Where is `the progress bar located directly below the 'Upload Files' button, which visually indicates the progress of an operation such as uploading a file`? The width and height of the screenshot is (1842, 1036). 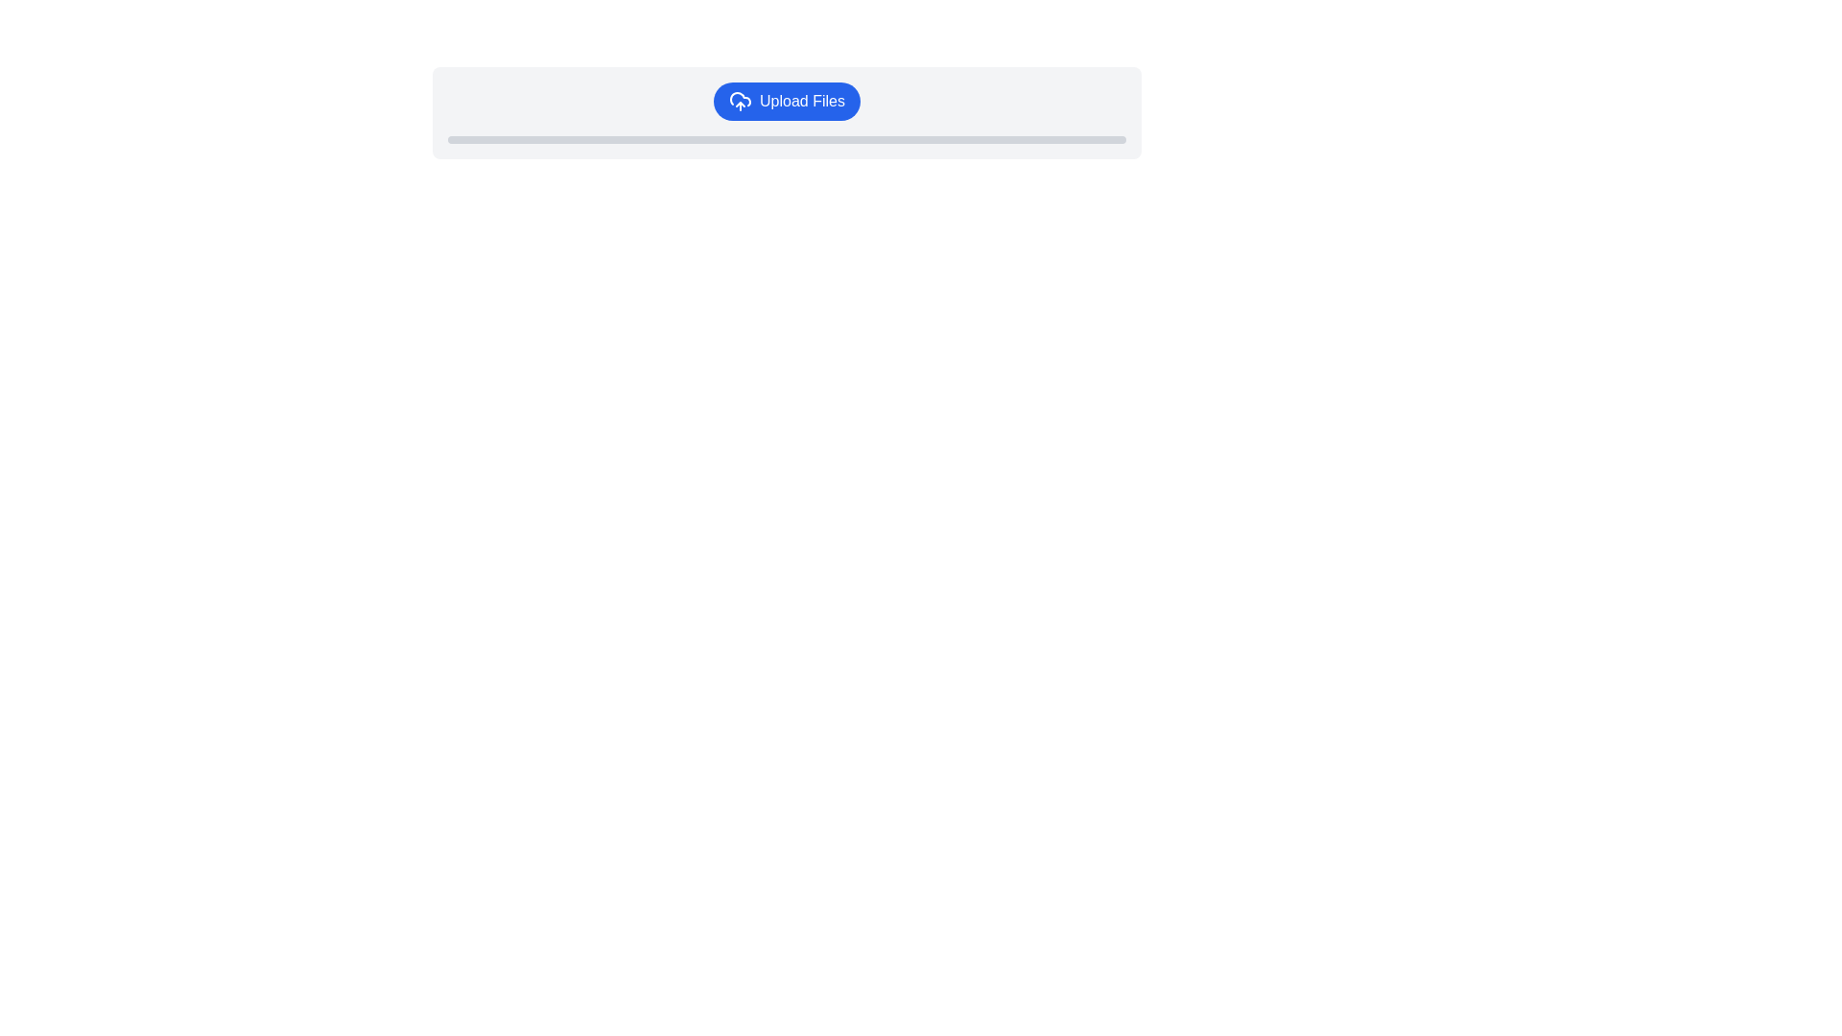
the progress bar located directly below the 'Upload Files' button, which visually indicates the progress of an operation such as uploading a file is located at coordinates (787, 139).